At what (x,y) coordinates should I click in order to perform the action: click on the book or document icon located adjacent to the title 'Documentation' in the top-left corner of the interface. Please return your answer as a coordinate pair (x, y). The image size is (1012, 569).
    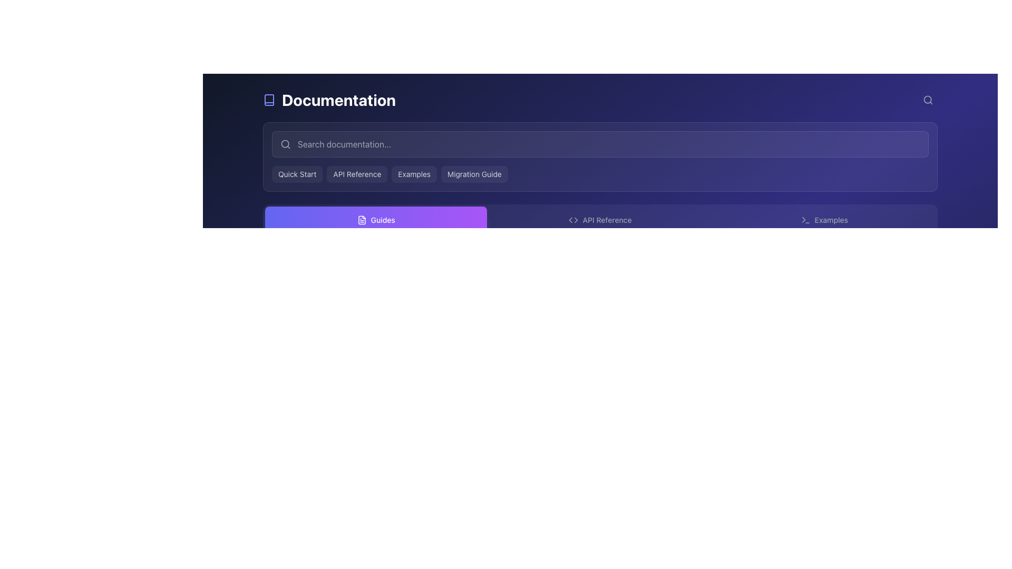
    Looking at the image, I should click on (269, 100).